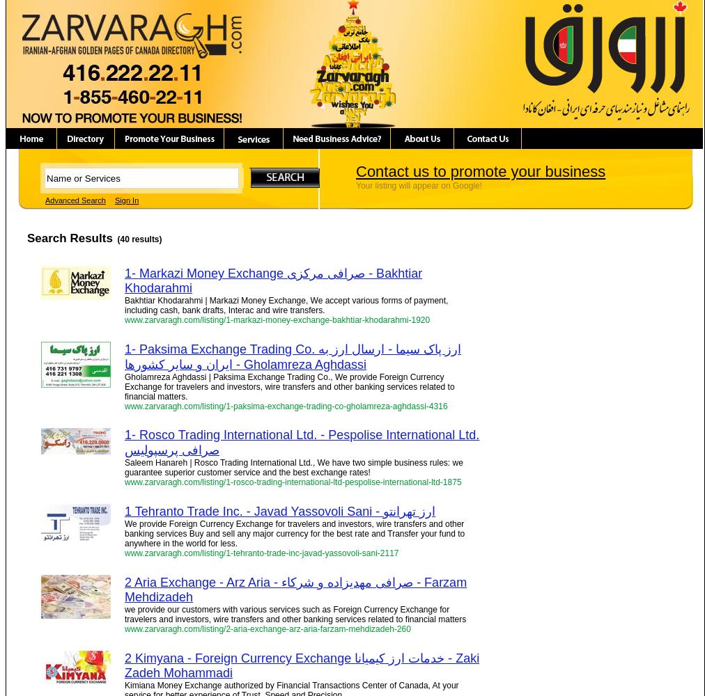 Image resolution: width=705 pixels, height=696 pixels. What do you see at coordinates (286, 305) in the screenshot?
I see `'Bakhtiar Khodarahmi | Markazi Money Exchange, We accept various forms of payment, including cash, bank drafts, Interac and wire transfers.'` at bounding box center [286, 305].